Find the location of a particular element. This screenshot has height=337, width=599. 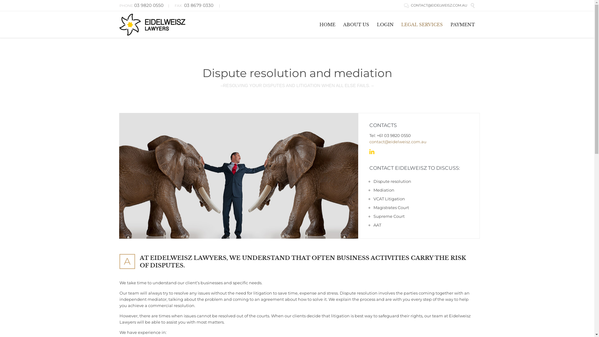

'03 9820 0550' is located at coordinates (148, 6).